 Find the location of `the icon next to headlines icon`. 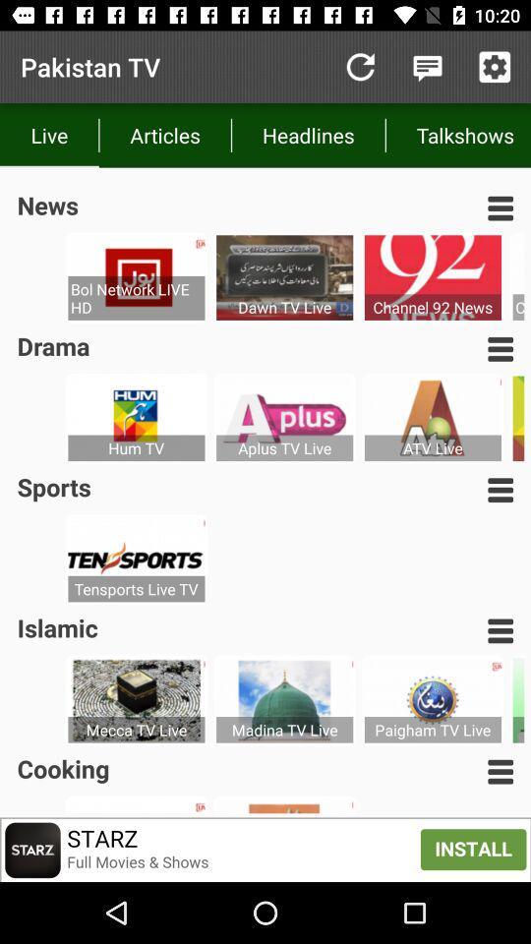

the icon next to headlines icon is located at coordinates (458, 134).